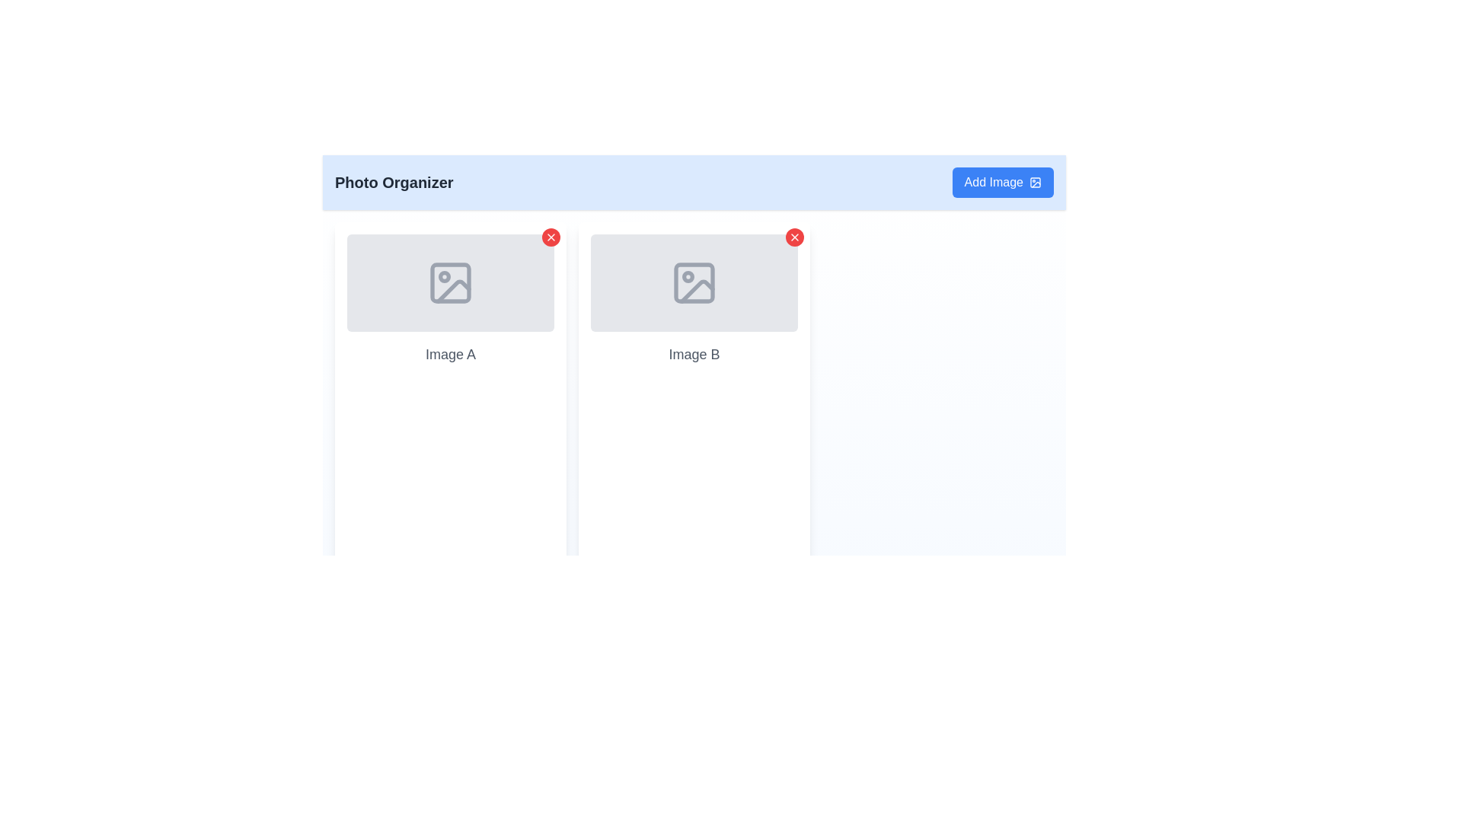 This screenshot has width=1462, height=822. What do you see at coordinates (694, 355) in the screenshot?
I see `the Text Label displaying 'Image B', which is located below the image placeholder in the second column of the photo organizer interface` at bounding box center [694, 355].